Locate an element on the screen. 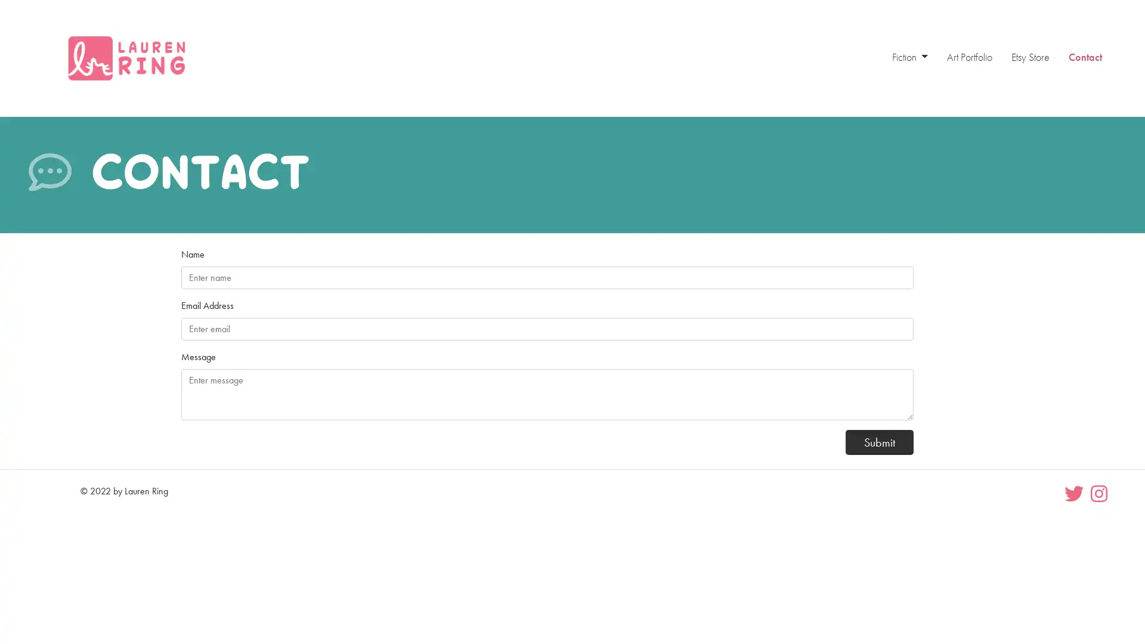 The width and height of the screenshot is (1145, 644). Submit is located at coordinates (879, 441).